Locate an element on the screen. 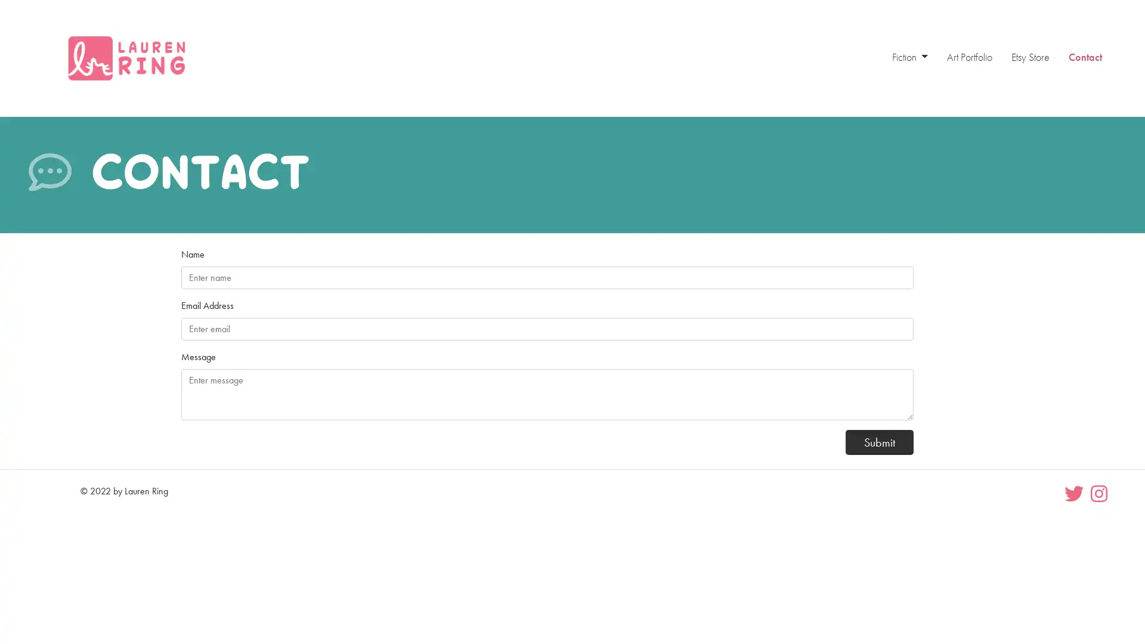 The width and height of the screenshot is (1145, 644). Submit is located at coordinates (879, 441).